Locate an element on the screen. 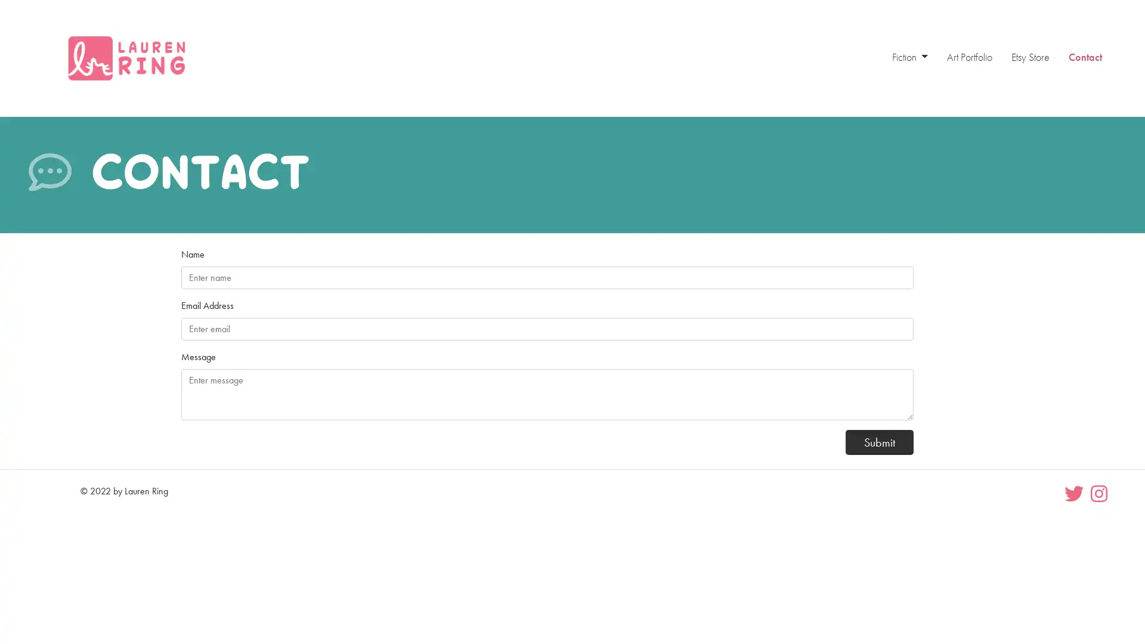 The width and height of the screenshot is (1145, 644). Submit is located at coordinates (879, 441).